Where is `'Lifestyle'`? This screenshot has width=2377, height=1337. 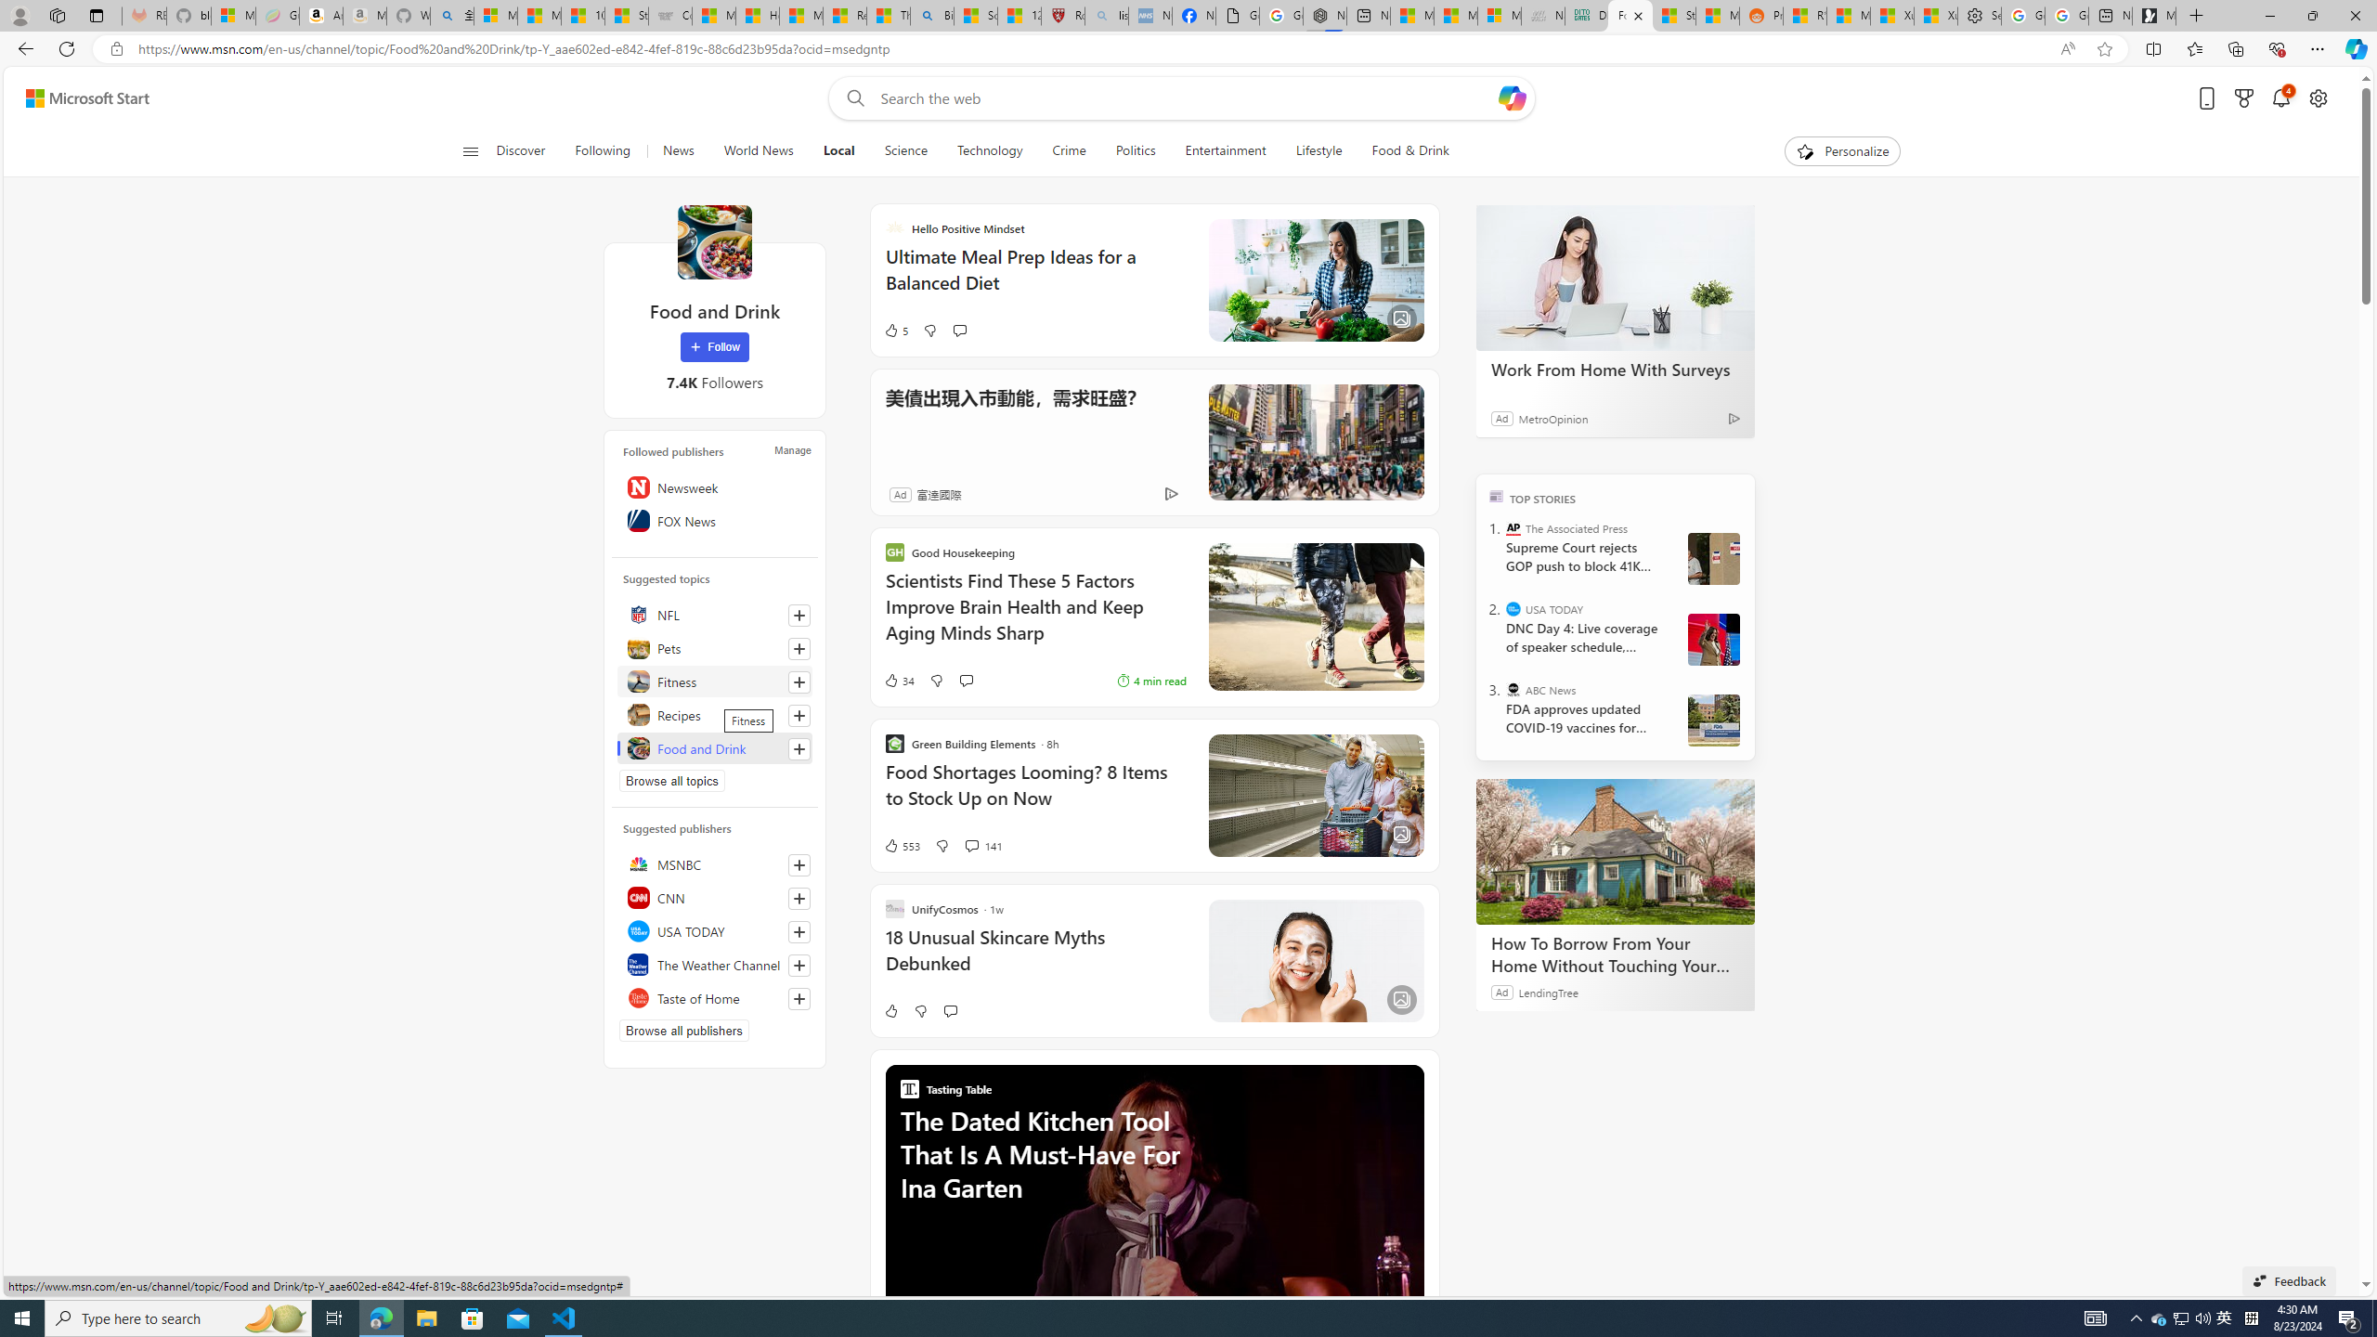 'Lifestyle' is located at coordinates (1318, 150).